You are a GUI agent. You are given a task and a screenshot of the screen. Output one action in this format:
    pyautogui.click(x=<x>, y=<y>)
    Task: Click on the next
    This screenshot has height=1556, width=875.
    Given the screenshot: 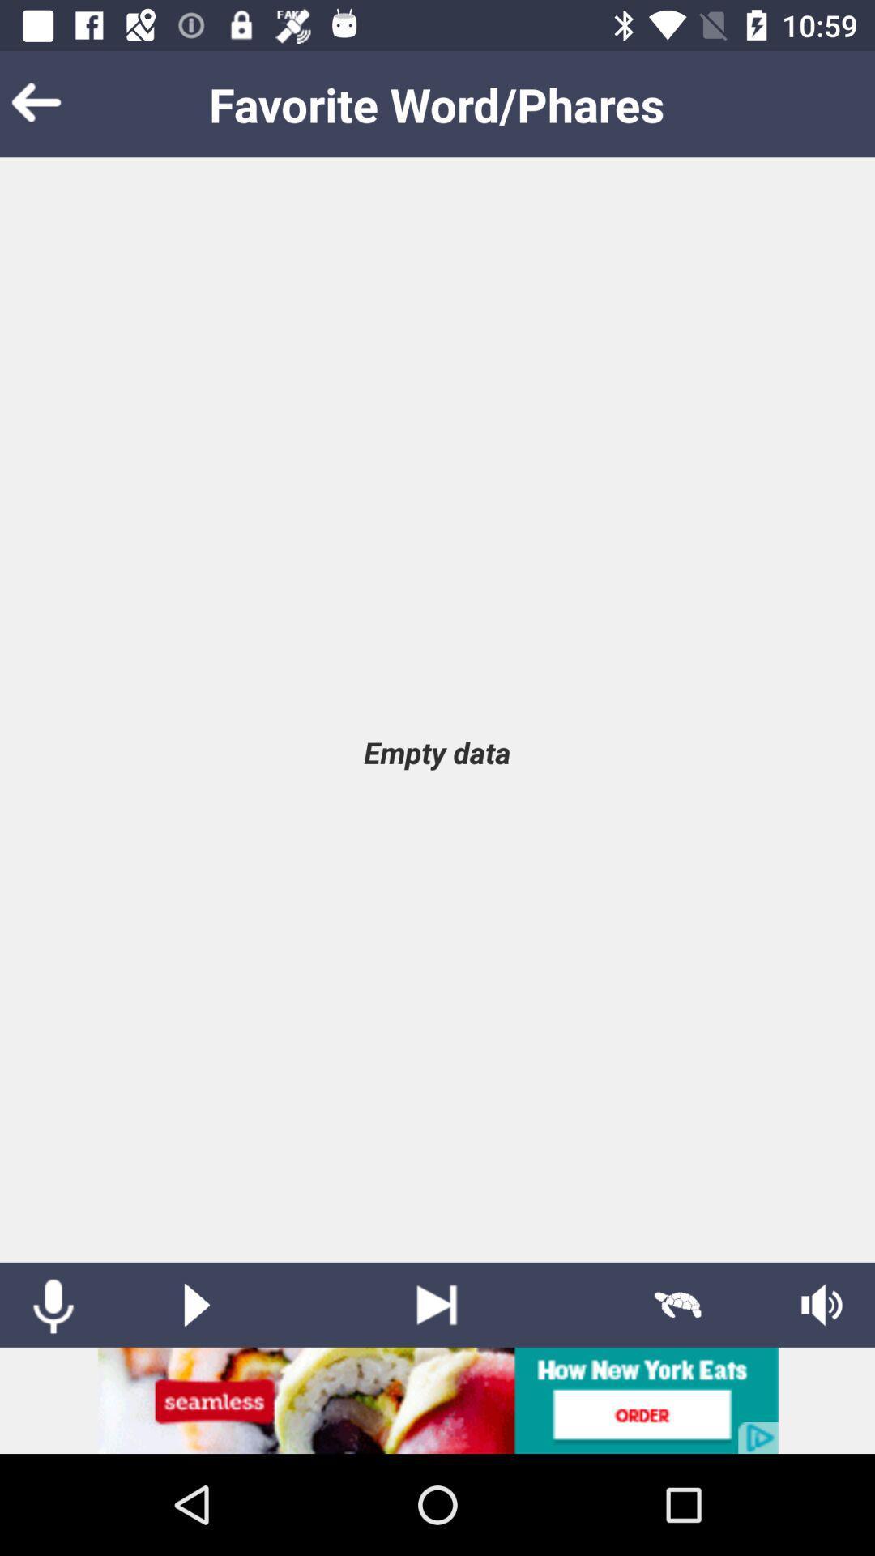 What is the action you would take?
    pyautogui.click(x=436, y=1305)
    